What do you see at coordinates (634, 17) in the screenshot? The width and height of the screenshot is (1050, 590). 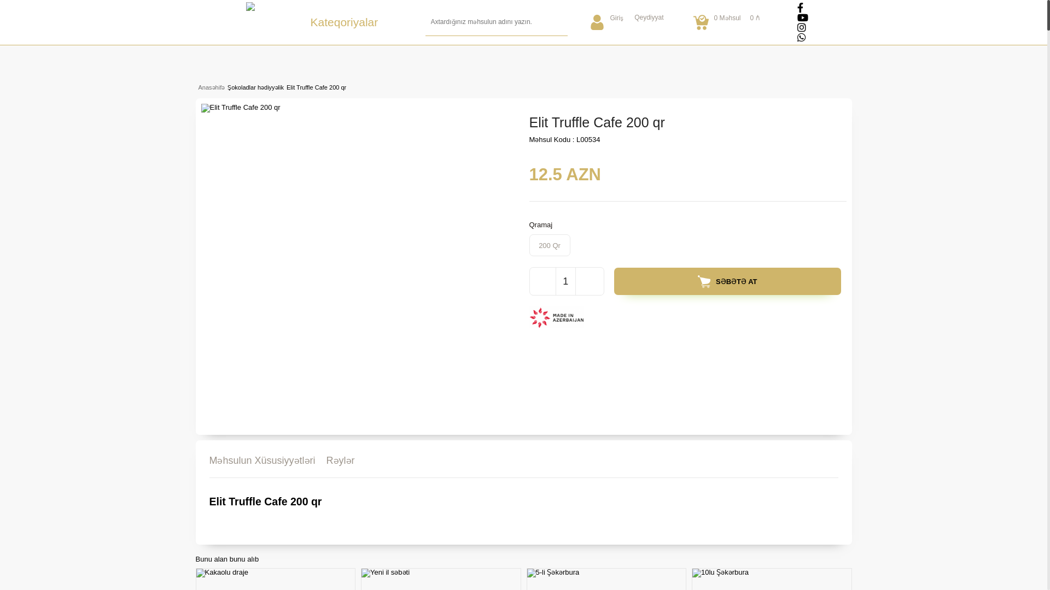 I see `'Qeydiyyat'` at bounding box center [634, 17].